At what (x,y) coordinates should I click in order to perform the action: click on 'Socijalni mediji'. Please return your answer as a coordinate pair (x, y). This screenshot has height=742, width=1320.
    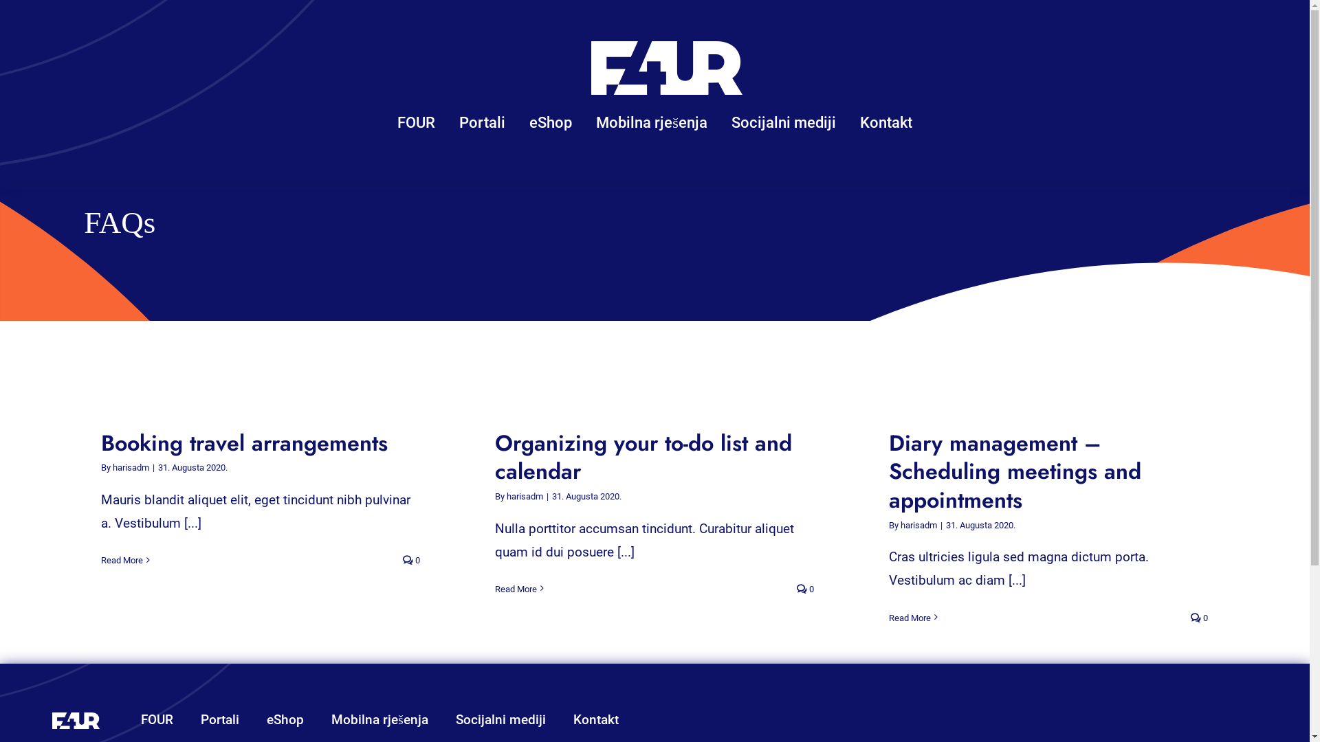
    Looking at the image, I should click on (500, 720).